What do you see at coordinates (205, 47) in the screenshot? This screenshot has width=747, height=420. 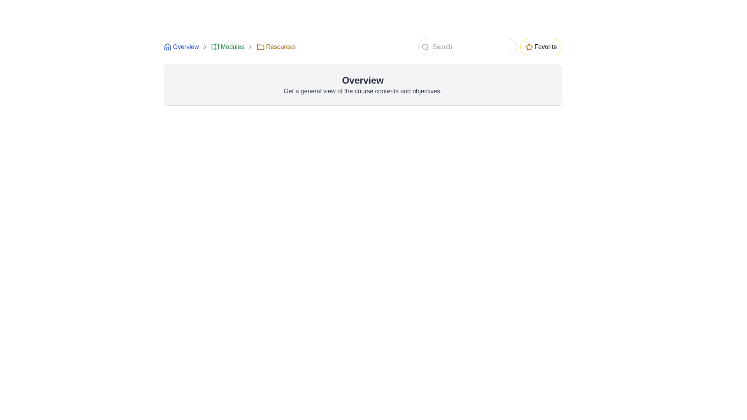 I see `the second icon in the breadcrumb navigation bar, which is positioned between the 'Overview' link and the 'Modules' link` at bounding box center [205, 47].